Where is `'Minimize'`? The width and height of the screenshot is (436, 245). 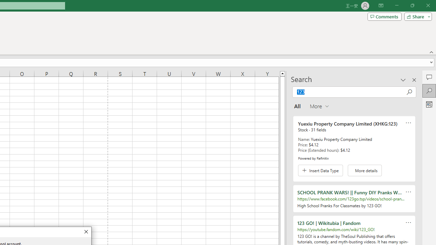 'Minimize' is located at coordinates (396, 5).